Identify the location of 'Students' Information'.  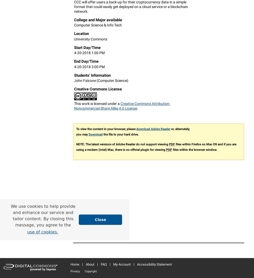
(74, 75).